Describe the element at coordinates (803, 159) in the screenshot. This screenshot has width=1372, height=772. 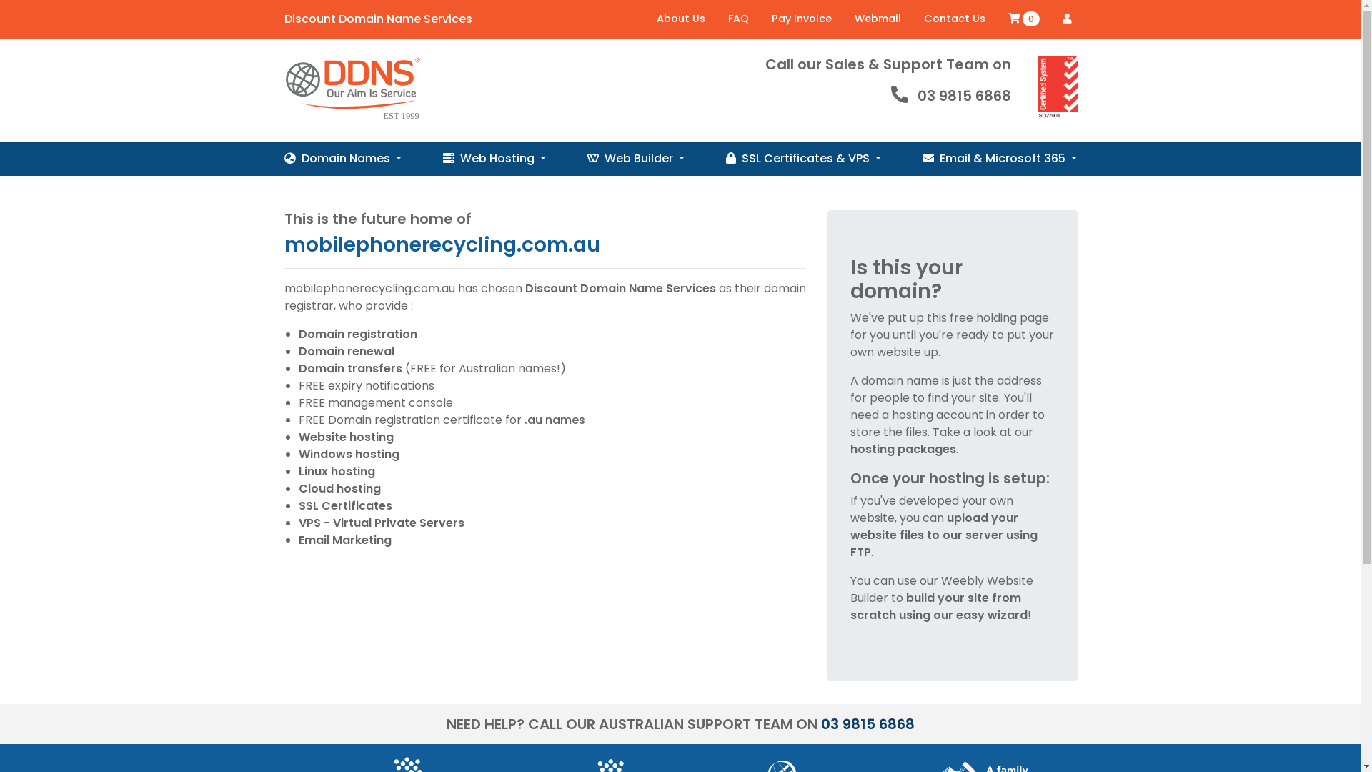
I see `'SSL Certificates & VPS'` at that location.